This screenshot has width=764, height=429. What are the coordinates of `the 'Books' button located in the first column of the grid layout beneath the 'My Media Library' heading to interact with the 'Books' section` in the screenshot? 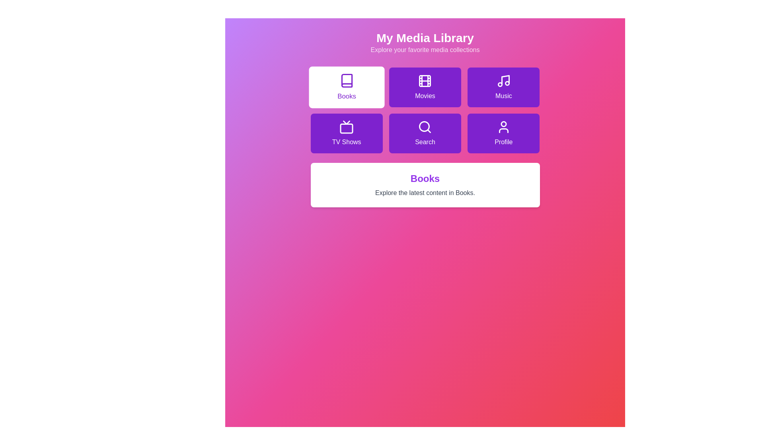 It's located at (346, 96).